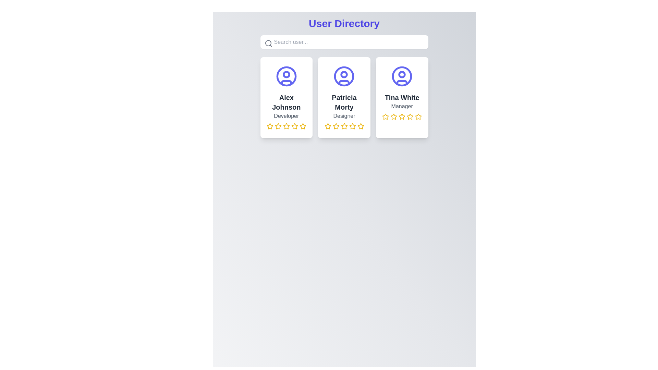 Image resolution: width=658 pixels, height=370 pixels. I want to click on the first star icon in the 5-star rating system below the card for 'Patricia Morty' to interact with the rating, so click(327, 126).